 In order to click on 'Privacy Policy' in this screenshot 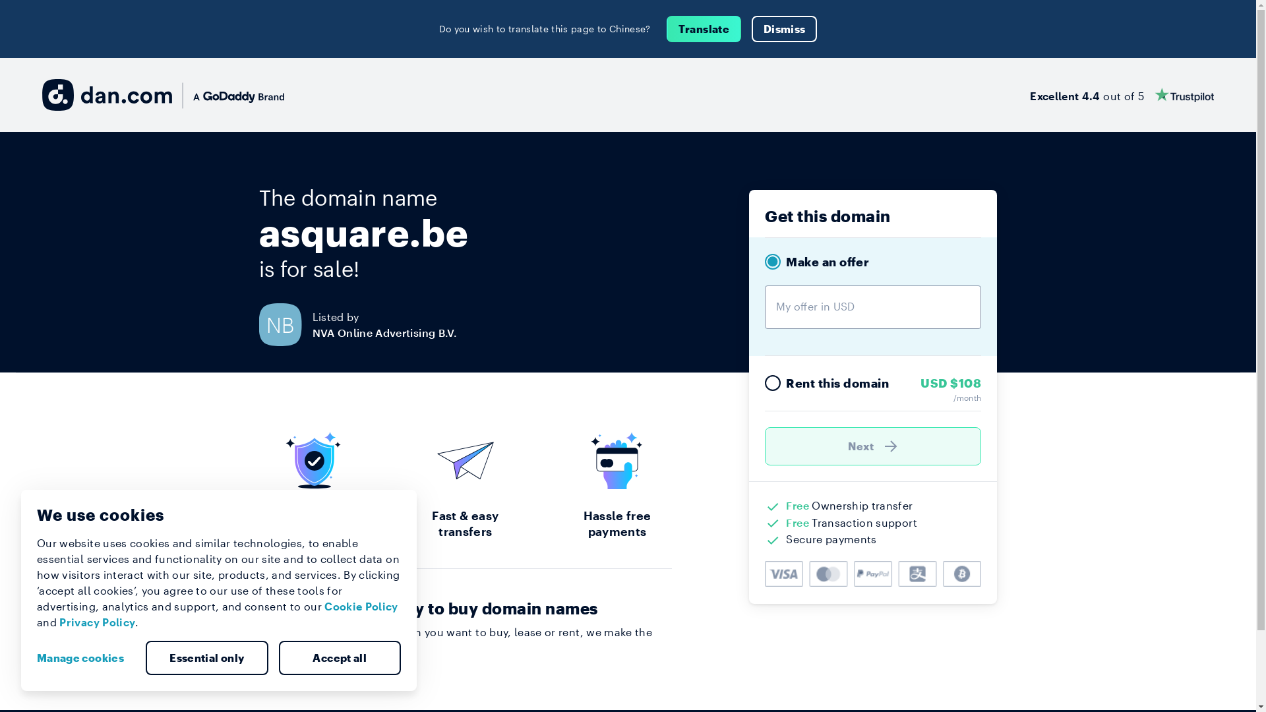, I will do `click(59, 622)`.